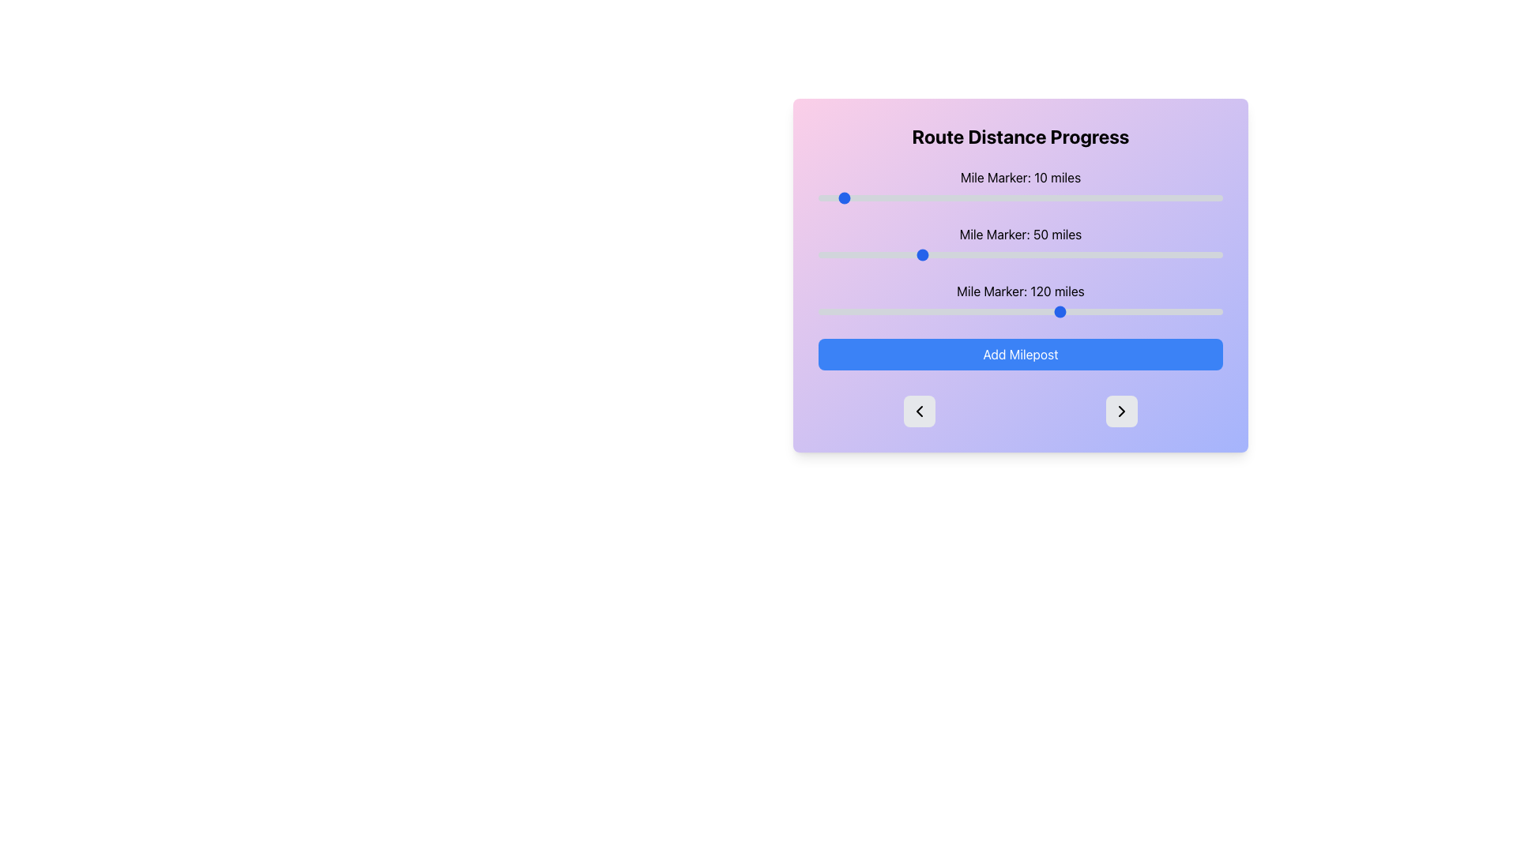 The image size is (1517, 853). What do you see at coordinates (1084, 311) in the screenshot?
I see `the mile marker` at bounding box center [1084, 311].